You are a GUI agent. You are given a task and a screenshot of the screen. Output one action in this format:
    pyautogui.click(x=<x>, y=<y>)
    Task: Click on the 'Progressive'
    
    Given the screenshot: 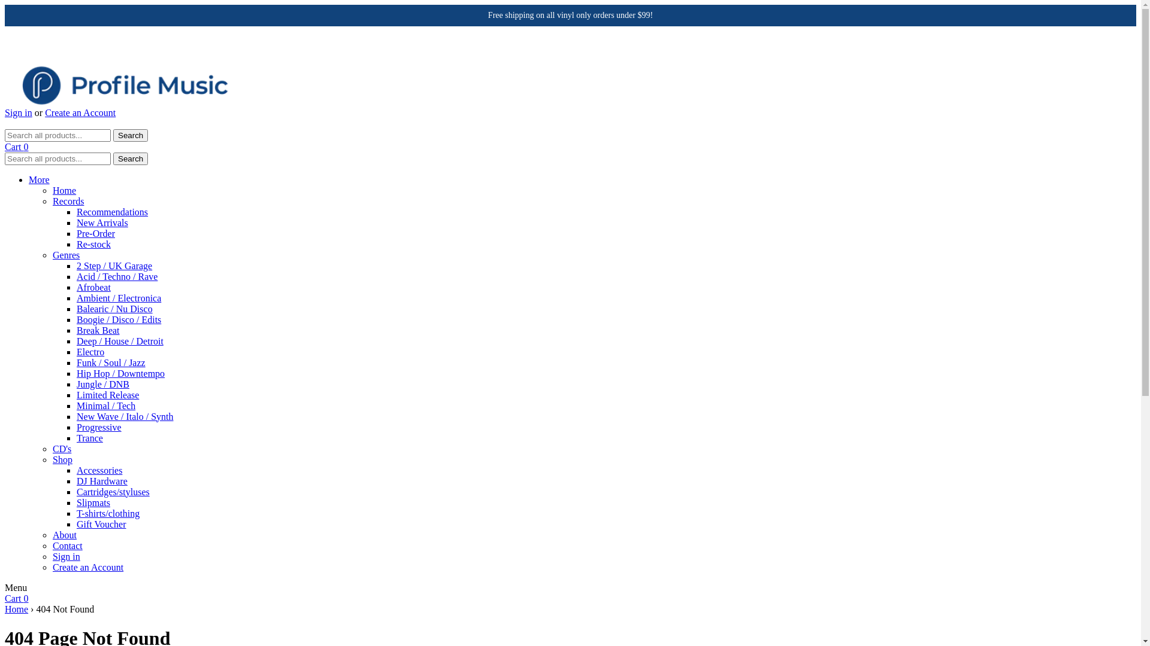 What is the action you would take?
    pyautogui.click(x=99, y=426)
    